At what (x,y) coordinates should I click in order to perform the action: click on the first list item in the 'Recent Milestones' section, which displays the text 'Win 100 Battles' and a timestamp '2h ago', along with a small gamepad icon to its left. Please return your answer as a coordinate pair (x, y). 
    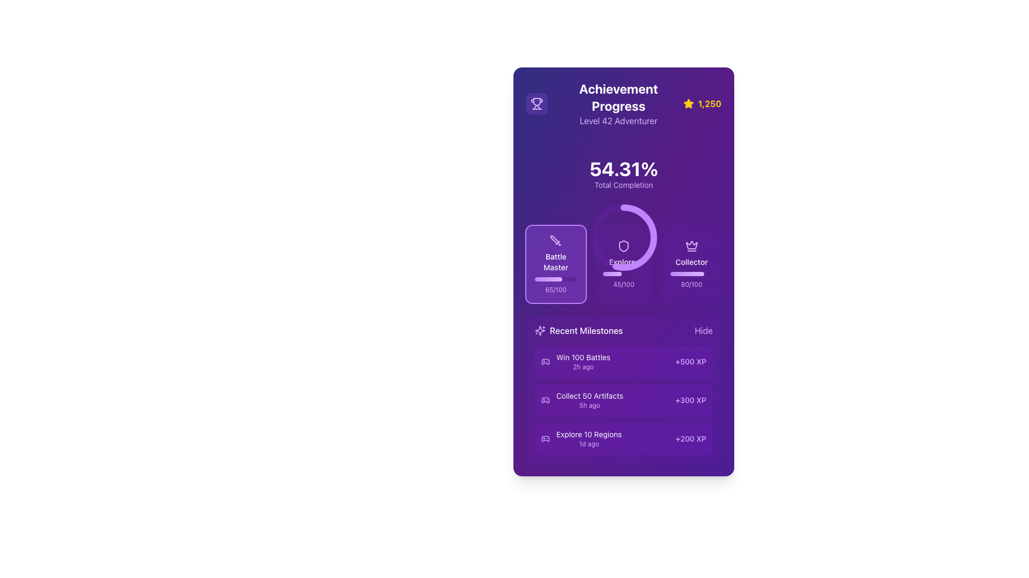
    Looking at the image, I should click on (575, 361).